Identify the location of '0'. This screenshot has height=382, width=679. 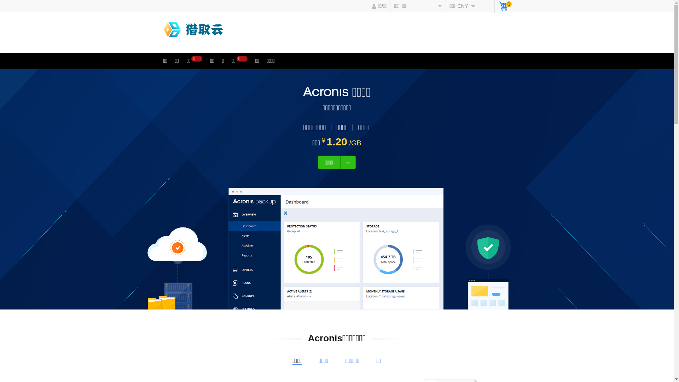
(498, 7).